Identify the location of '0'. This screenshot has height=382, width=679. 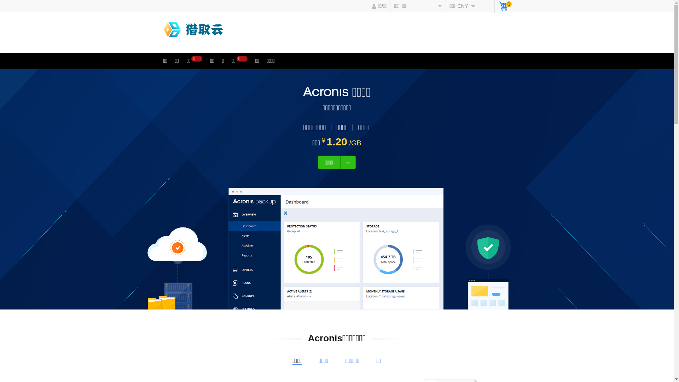
(498, 7).